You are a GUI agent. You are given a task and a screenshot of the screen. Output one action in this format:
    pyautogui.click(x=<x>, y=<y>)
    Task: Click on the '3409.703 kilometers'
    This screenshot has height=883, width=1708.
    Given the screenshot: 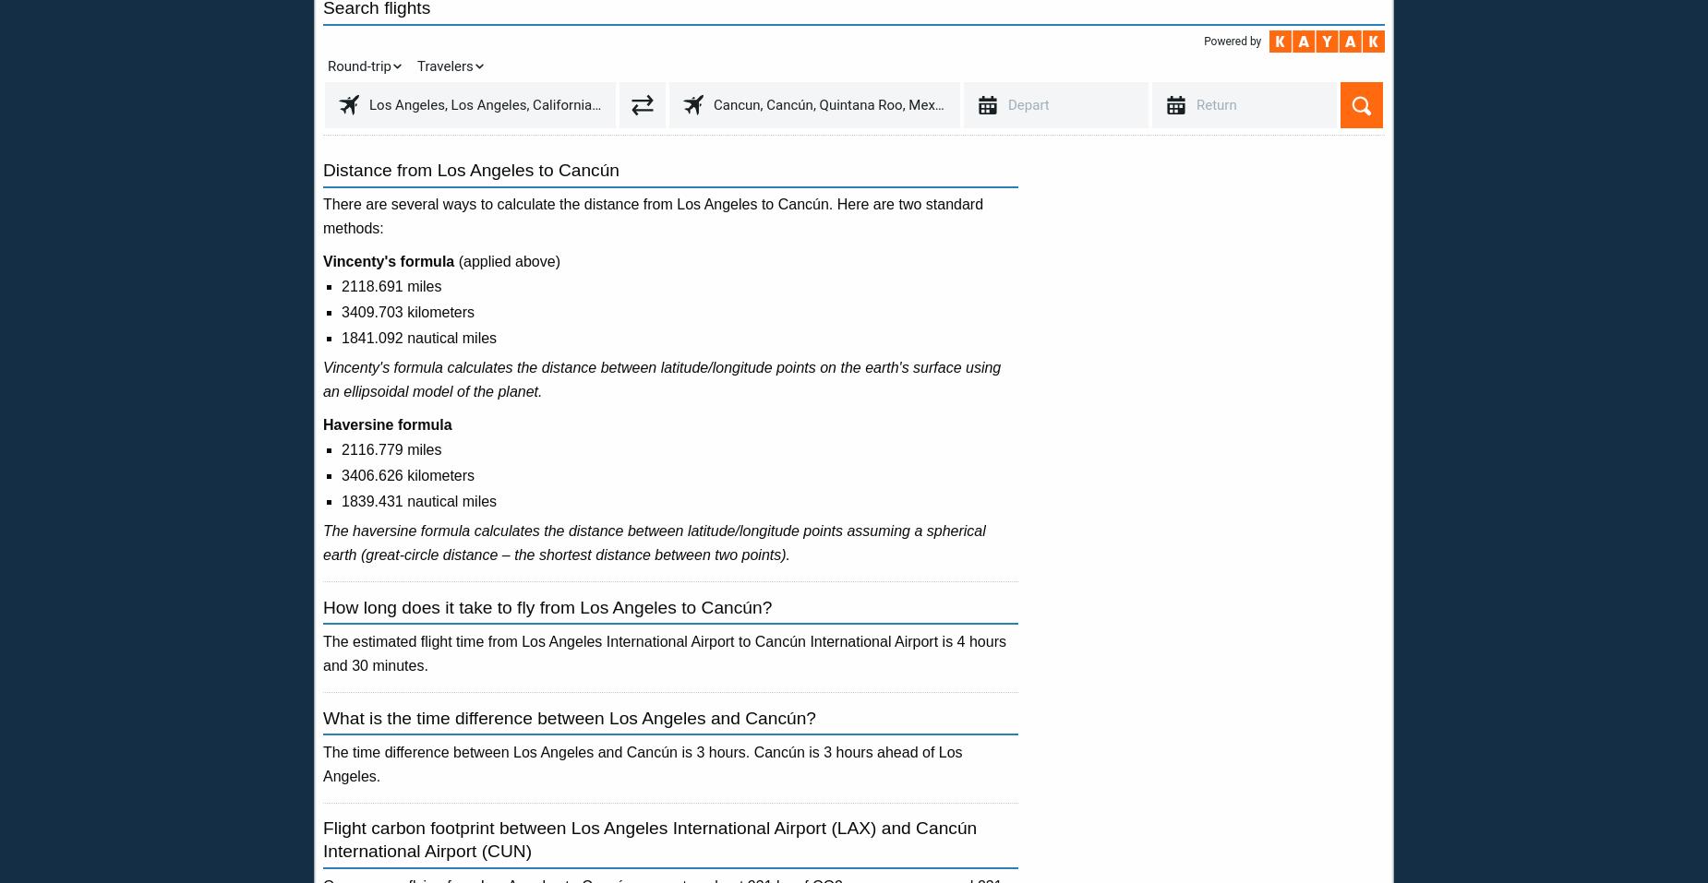 What is the action you would take?
    pyautogui.click(x=406, y=312)
    